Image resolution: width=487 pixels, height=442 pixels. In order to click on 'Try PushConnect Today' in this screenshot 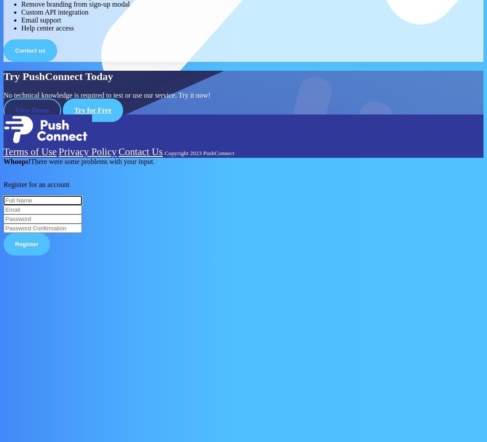, I will do `click(58, 76)`.